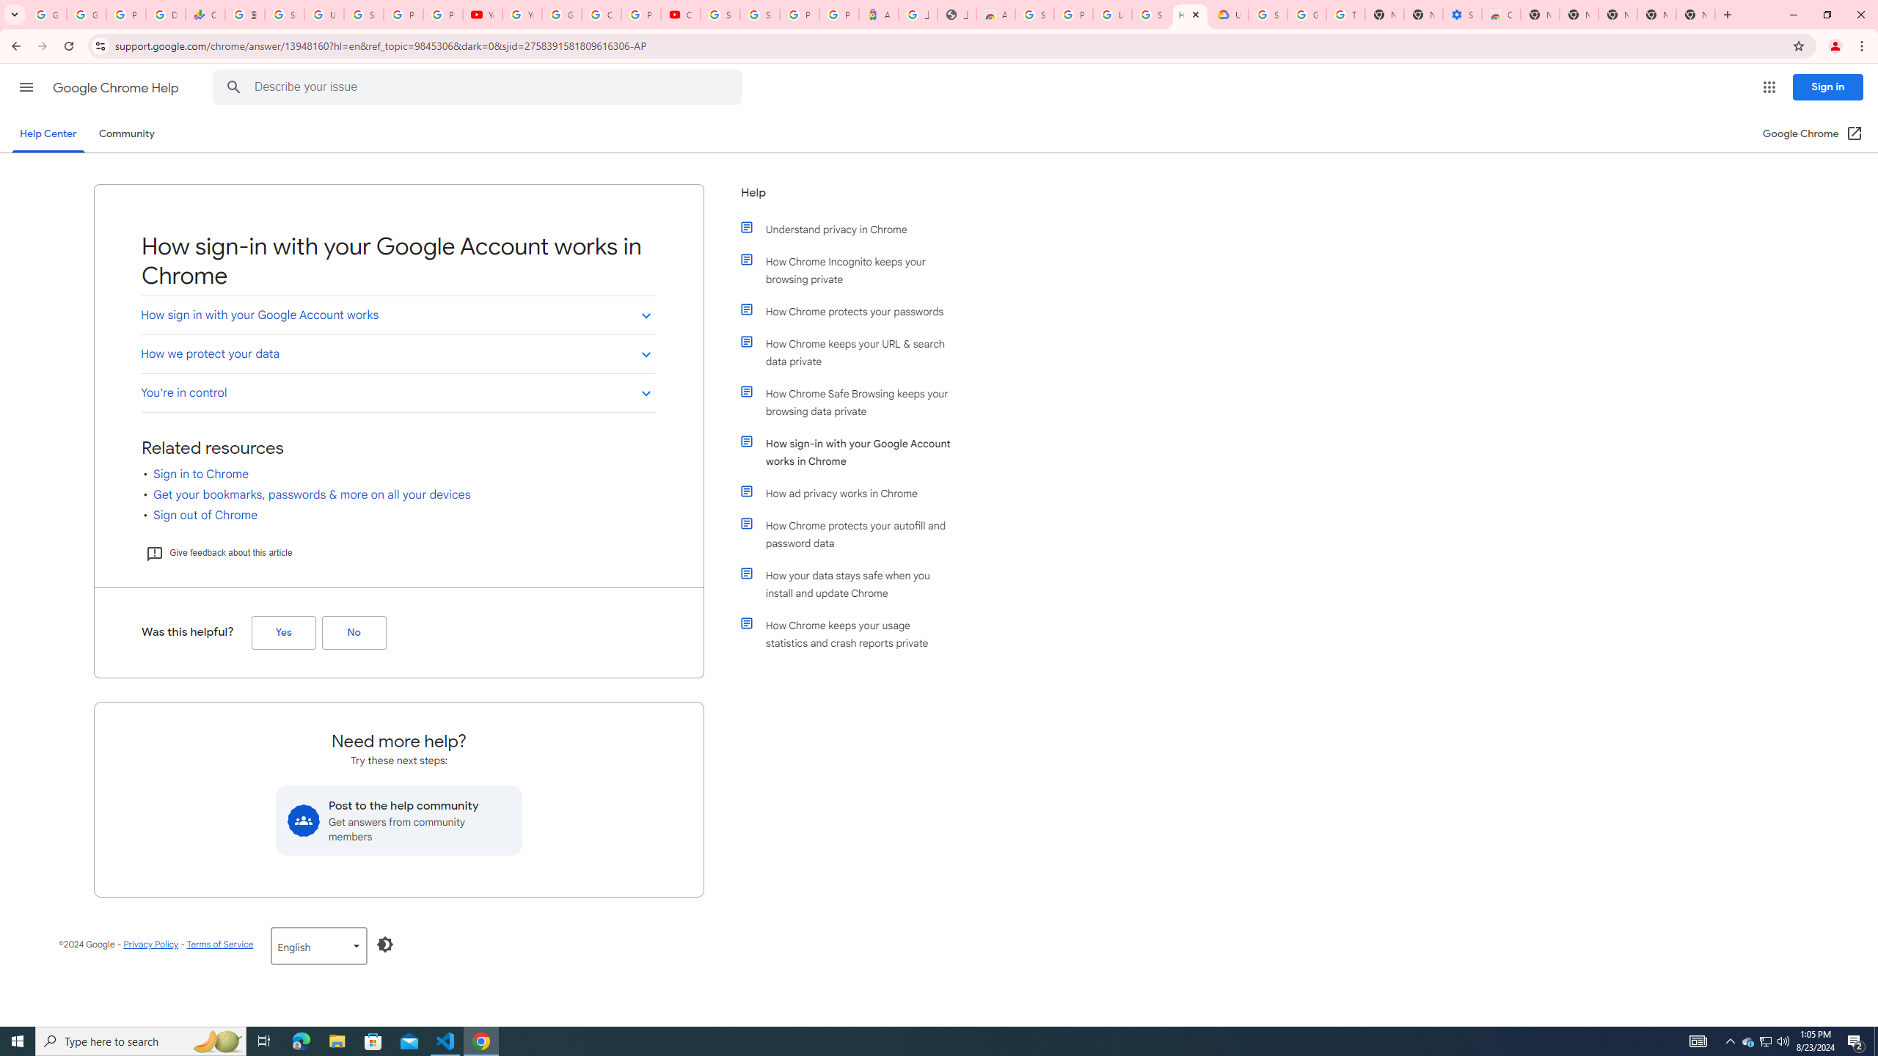 The image size is (1878, 1056). I want to click on 'Create your Google Account', so click(601, 14).